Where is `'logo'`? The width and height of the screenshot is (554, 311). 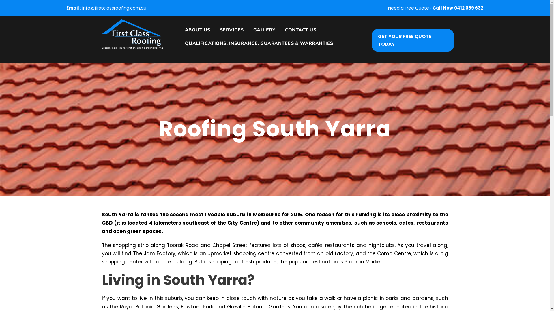 'logo' is located at coordinates (132, 34).